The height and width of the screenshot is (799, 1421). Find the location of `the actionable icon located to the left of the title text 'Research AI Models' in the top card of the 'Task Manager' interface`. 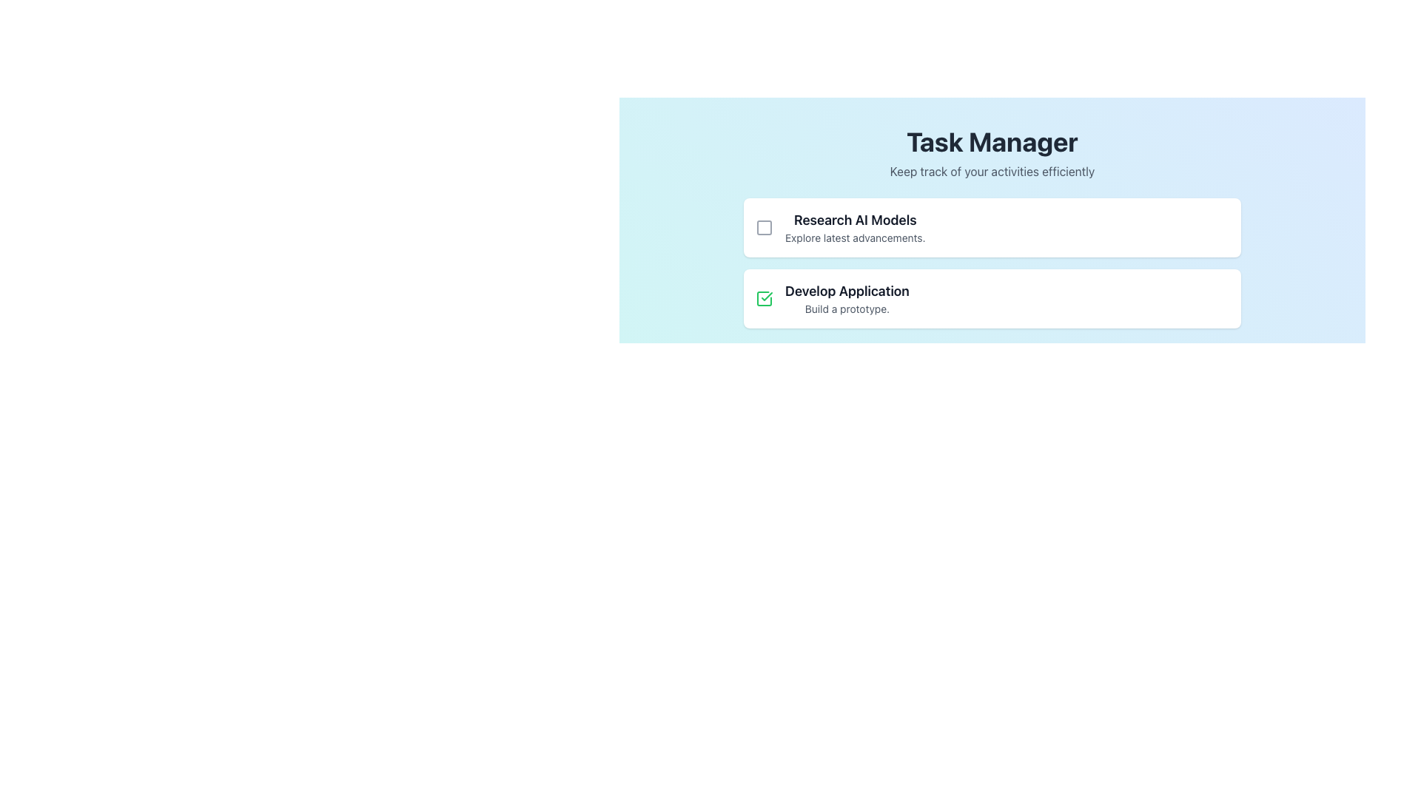

the actionable icon located to the left of the title text 'Research AI Models' in the top card of the 'Task Manager' interface is located at coordinates (764, 228).